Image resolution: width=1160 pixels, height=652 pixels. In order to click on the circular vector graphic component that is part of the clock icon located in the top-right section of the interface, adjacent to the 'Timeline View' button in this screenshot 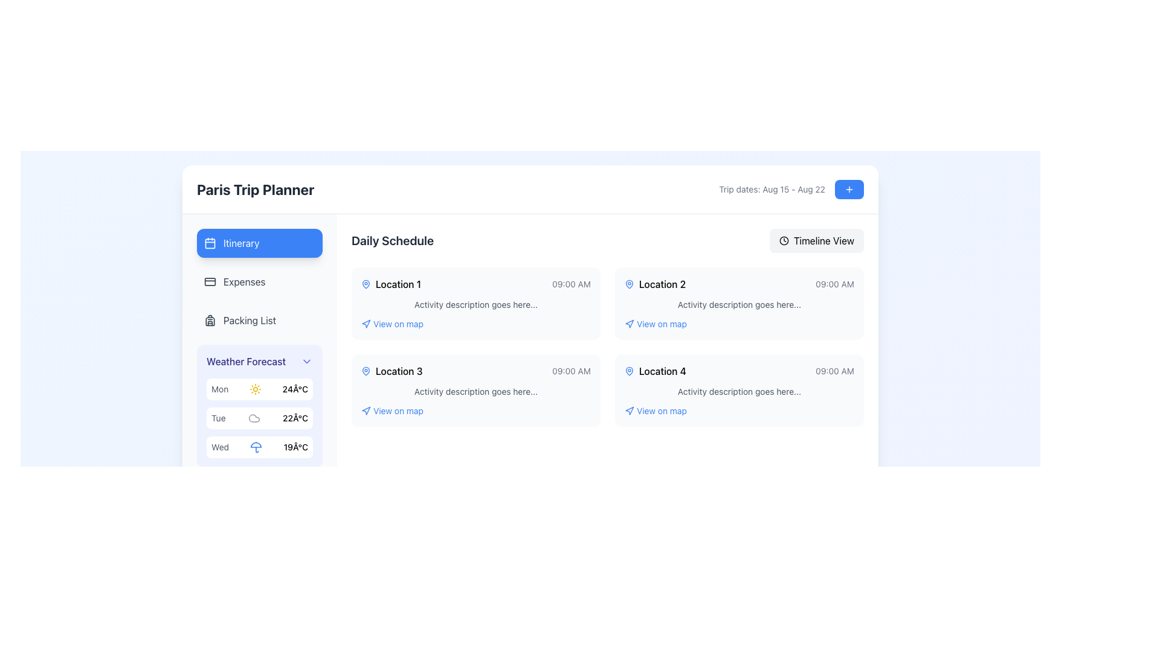, I will do `click(784, 240)`.